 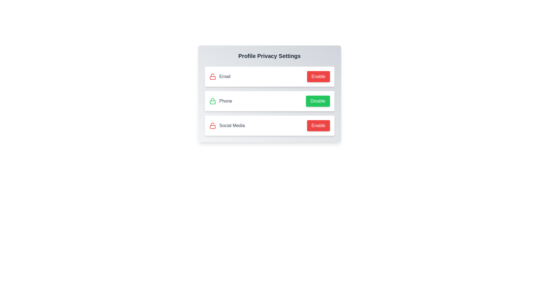 What do you see at coordinates (318, 126) in the screenshot?
I see `the 'Enable' button for 'Social Media' to toggle its privacy setting` at bounding box center [318, 126].